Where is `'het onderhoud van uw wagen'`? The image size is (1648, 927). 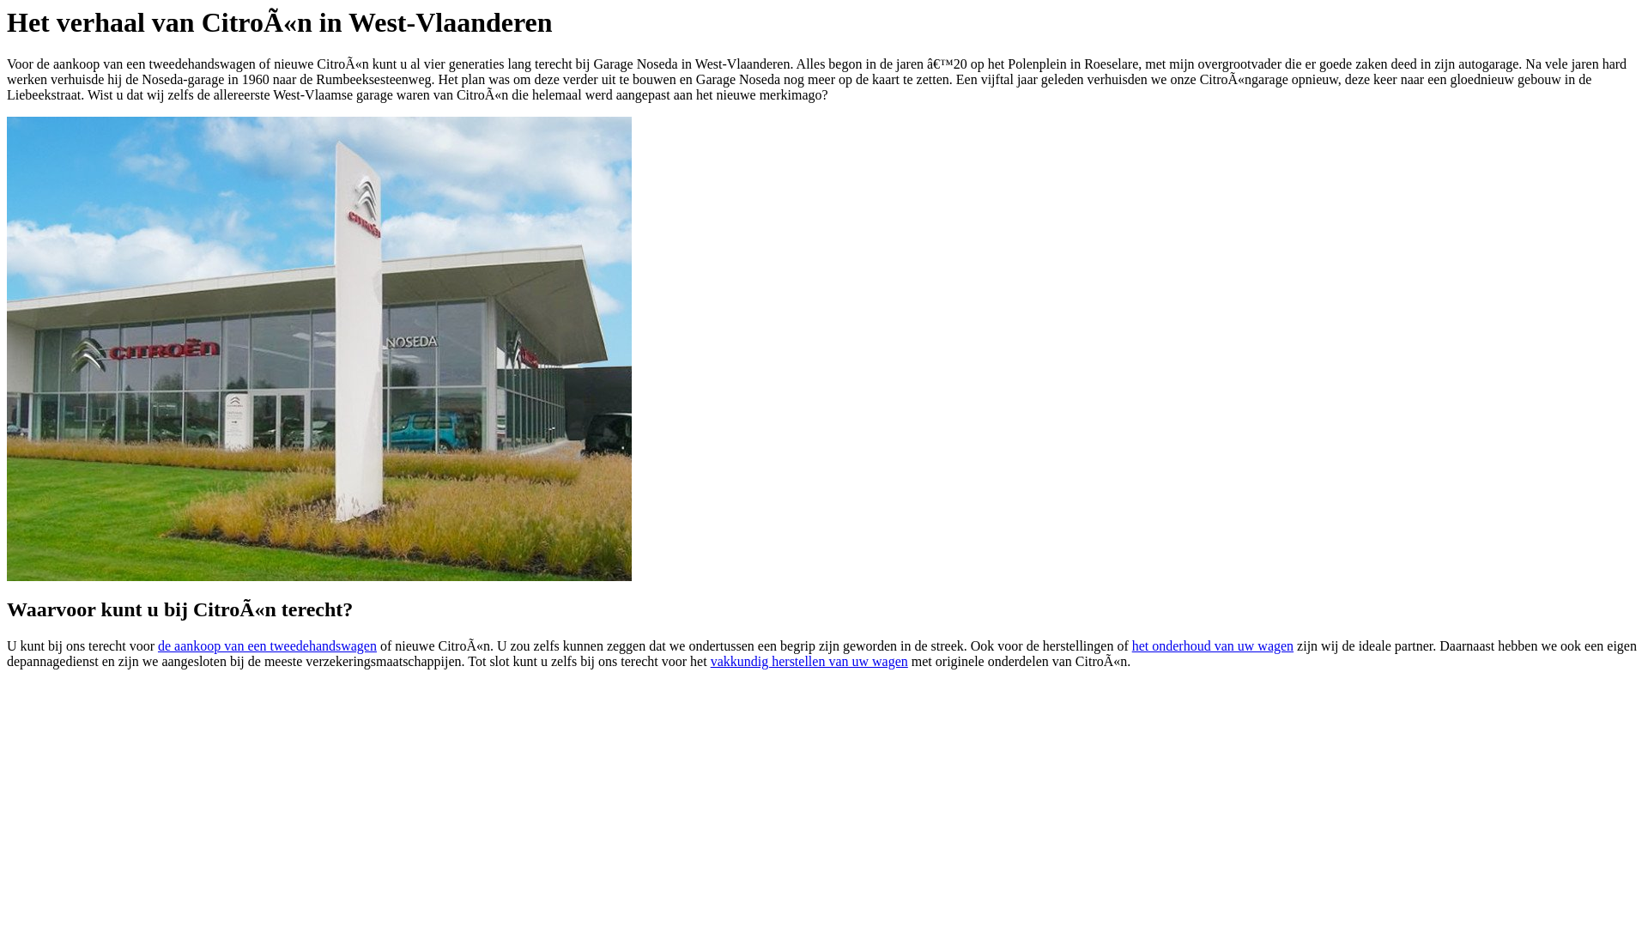 'het onderhoud van uw wagen' is located at coordinates (1211, 645).